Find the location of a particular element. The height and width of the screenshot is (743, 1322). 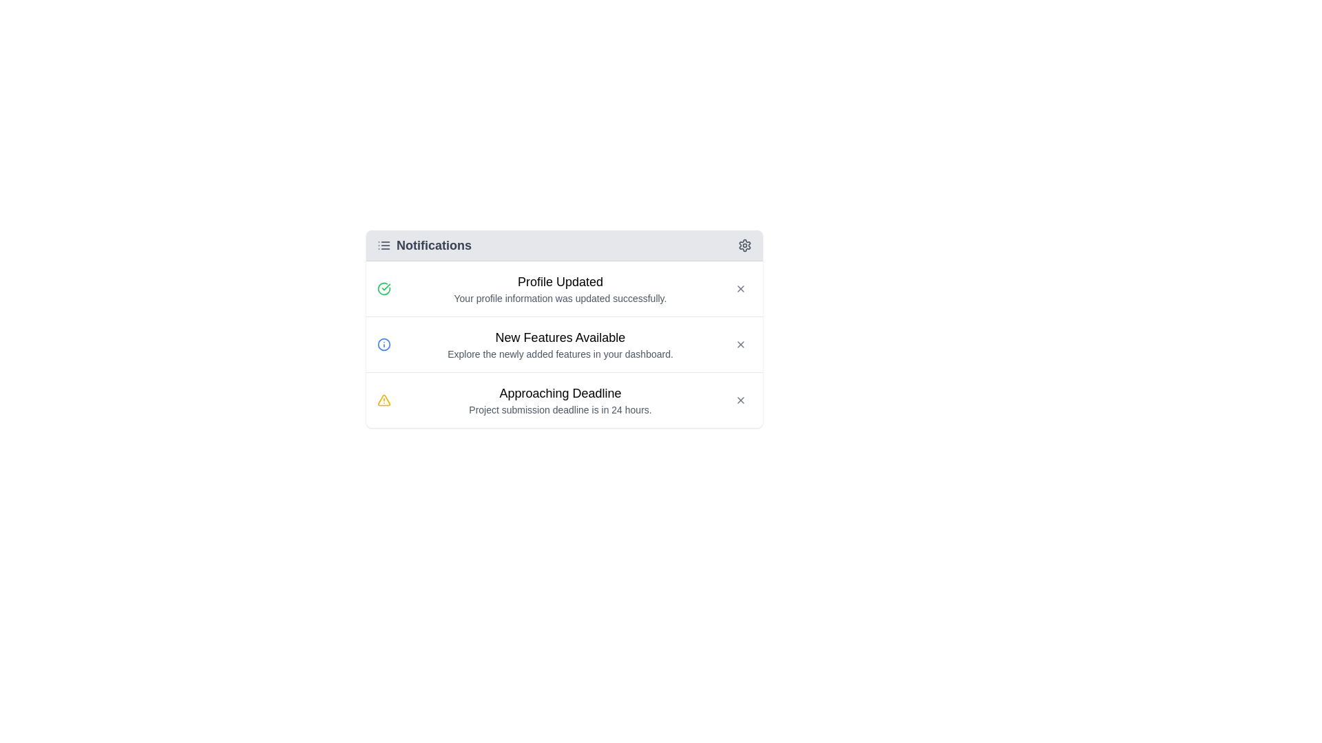

the settings icon button located in the top-right corner of the 'Notifications' section header, positioned to the right of the text 'Notifications' is located at coordinates (744, 245).